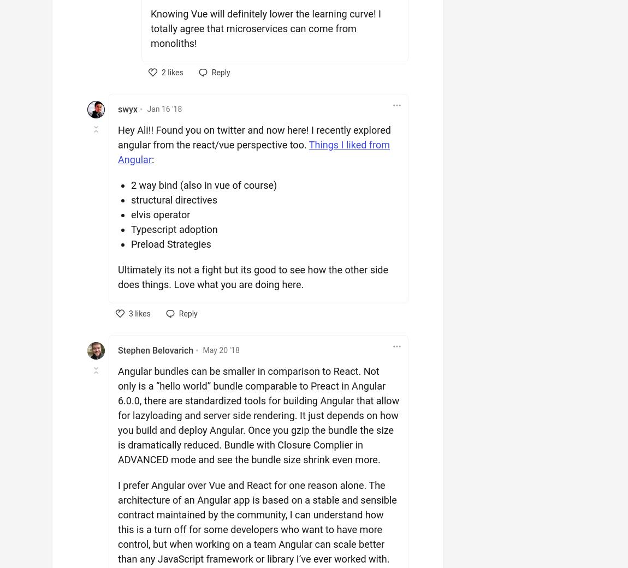  Describe the element at coordinates (202, 349) in the screenshot. I see `'May 20 '18'` at that location.